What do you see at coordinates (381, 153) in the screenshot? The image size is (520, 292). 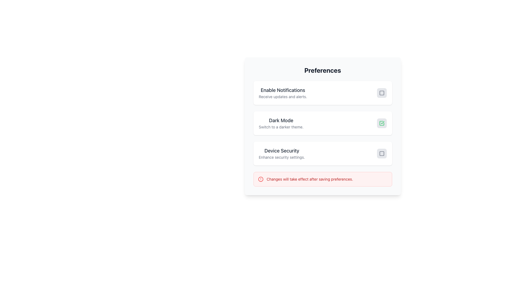 I see `the small gray square icon located next to the text 'Device Security' in the 'Preferences' section` at bounding box center [381, 153].